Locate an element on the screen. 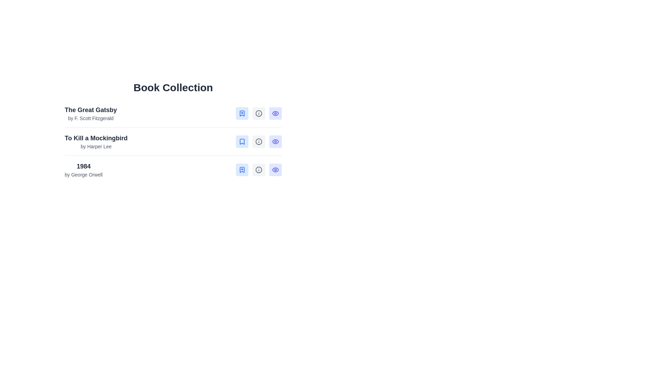 Image resolution: width=668 pixels, height=376 pixels. the visibility icon (eye) located in the third row of the book collection table, specifically the icon associated with the book '1984' by George Orwell is located at coordinates (275, 113).